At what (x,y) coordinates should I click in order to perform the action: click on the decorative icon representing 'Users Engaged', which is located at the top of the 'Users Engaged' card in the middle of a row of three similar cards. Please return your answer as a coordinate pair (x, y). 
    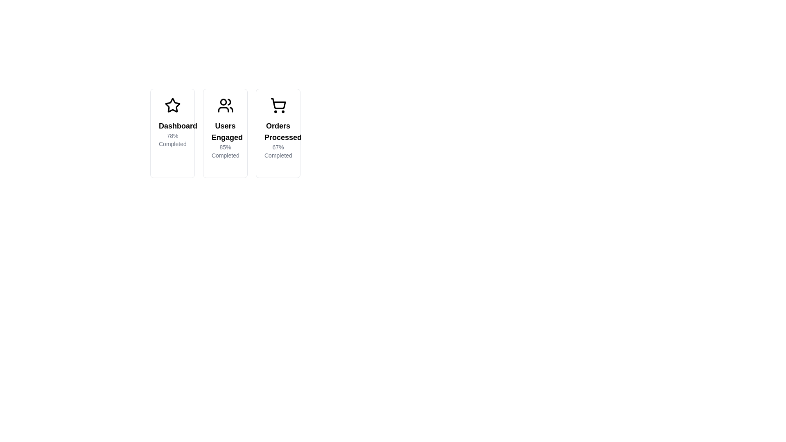
    Looking at the image, I should click on (225, 105).